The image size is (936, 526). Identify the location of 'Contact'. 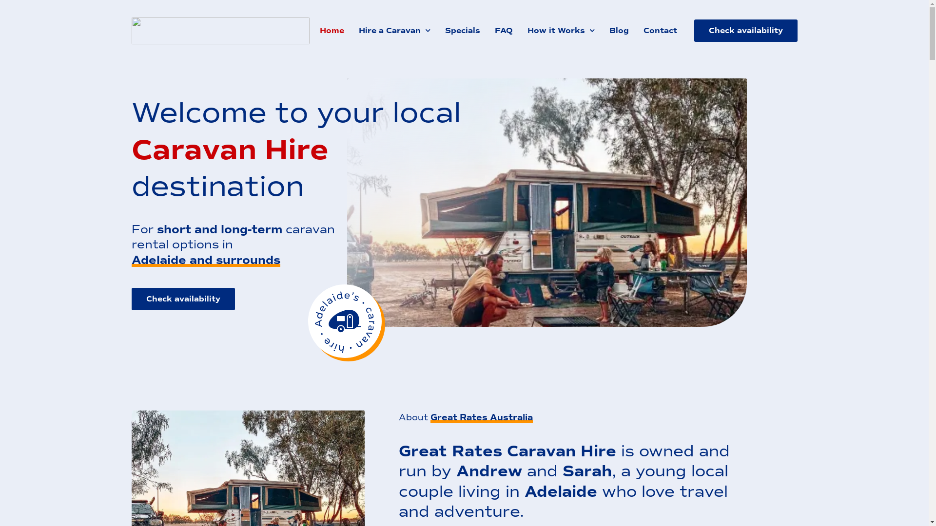
(660, 30).